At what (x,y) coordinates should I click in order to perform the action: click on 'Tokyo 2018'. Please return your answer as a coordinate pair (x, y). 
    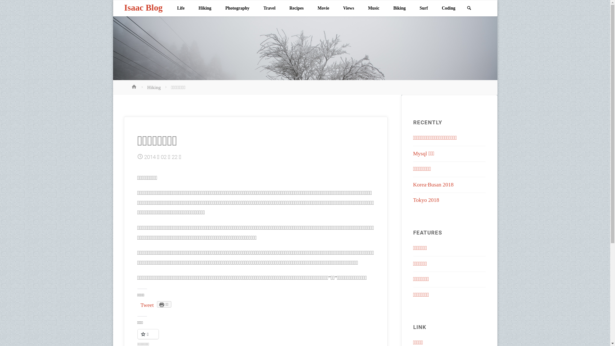
    Looking at the image, I should click on (426, 200).